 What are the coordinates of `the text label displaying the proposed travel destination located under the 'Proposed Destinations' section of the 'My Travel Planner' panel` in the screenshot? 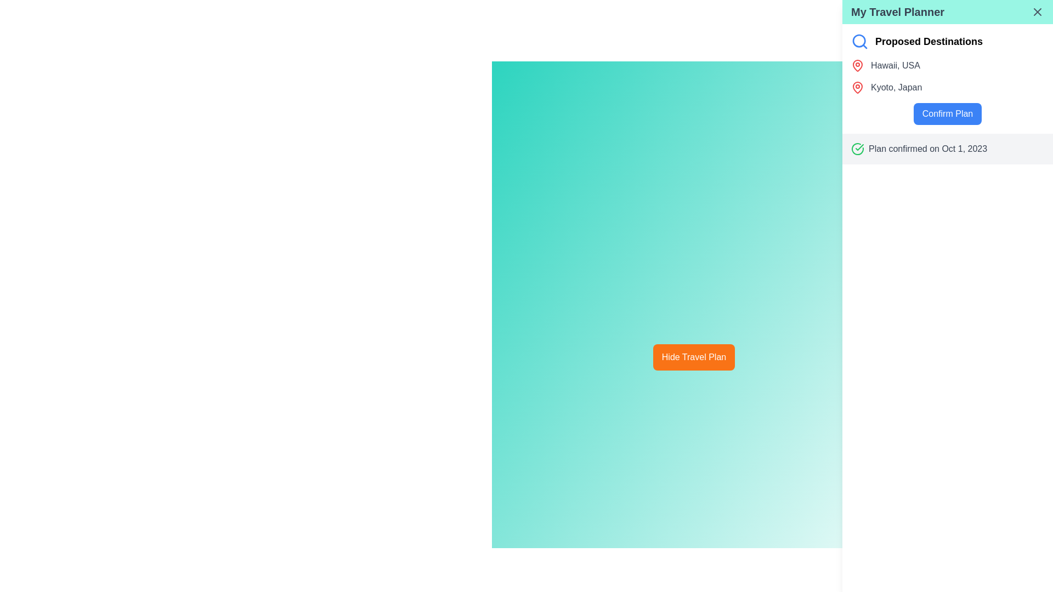 It's located at (896, 87).